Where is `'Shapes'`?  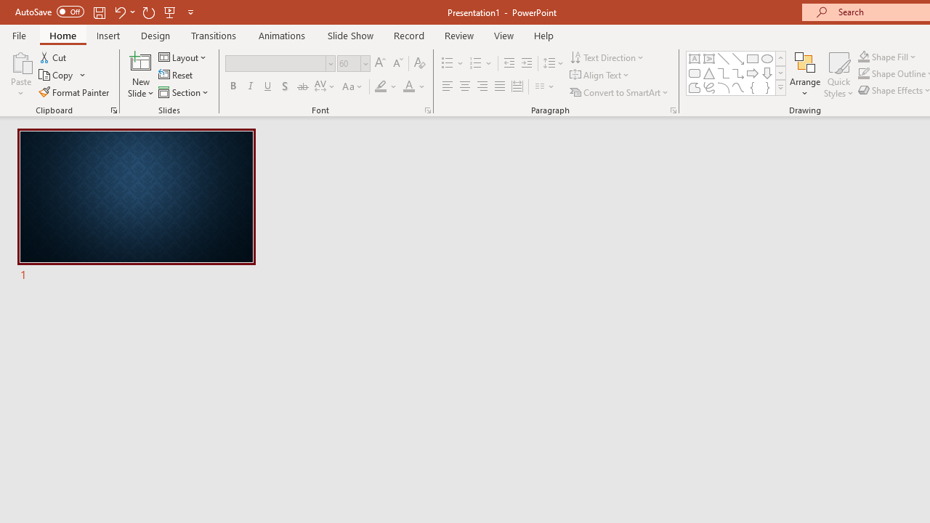
'Shapes' is located at coordinates (780, 87).